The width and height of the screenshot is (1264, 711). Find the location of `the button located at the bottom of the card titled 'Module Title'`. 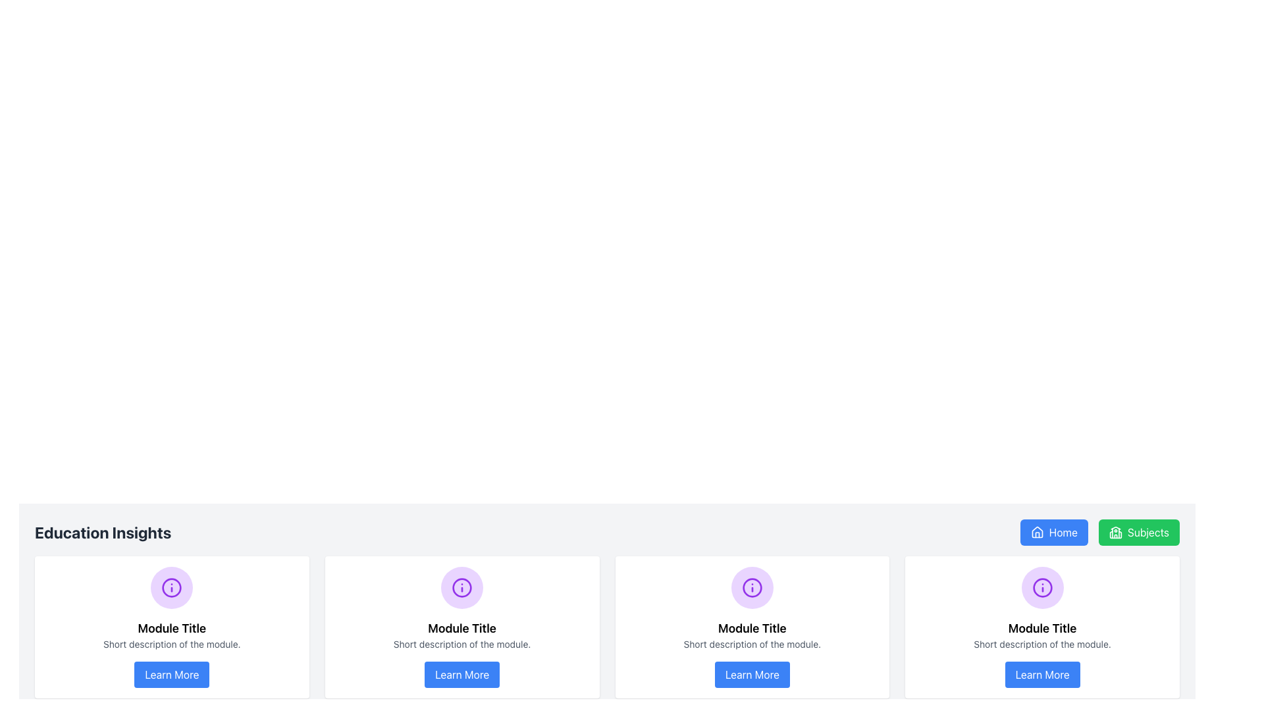

the button located at the bottom of the card titled 'Module Title' is located at coordinates (171, 675).